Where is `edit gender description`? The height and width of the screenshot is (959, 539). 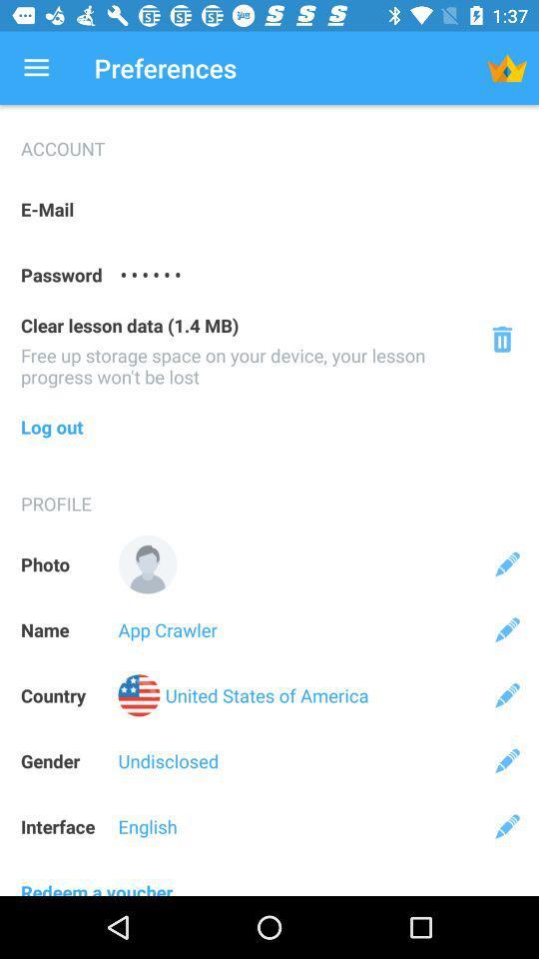
edit gender description is located at coordinates (507, 759).